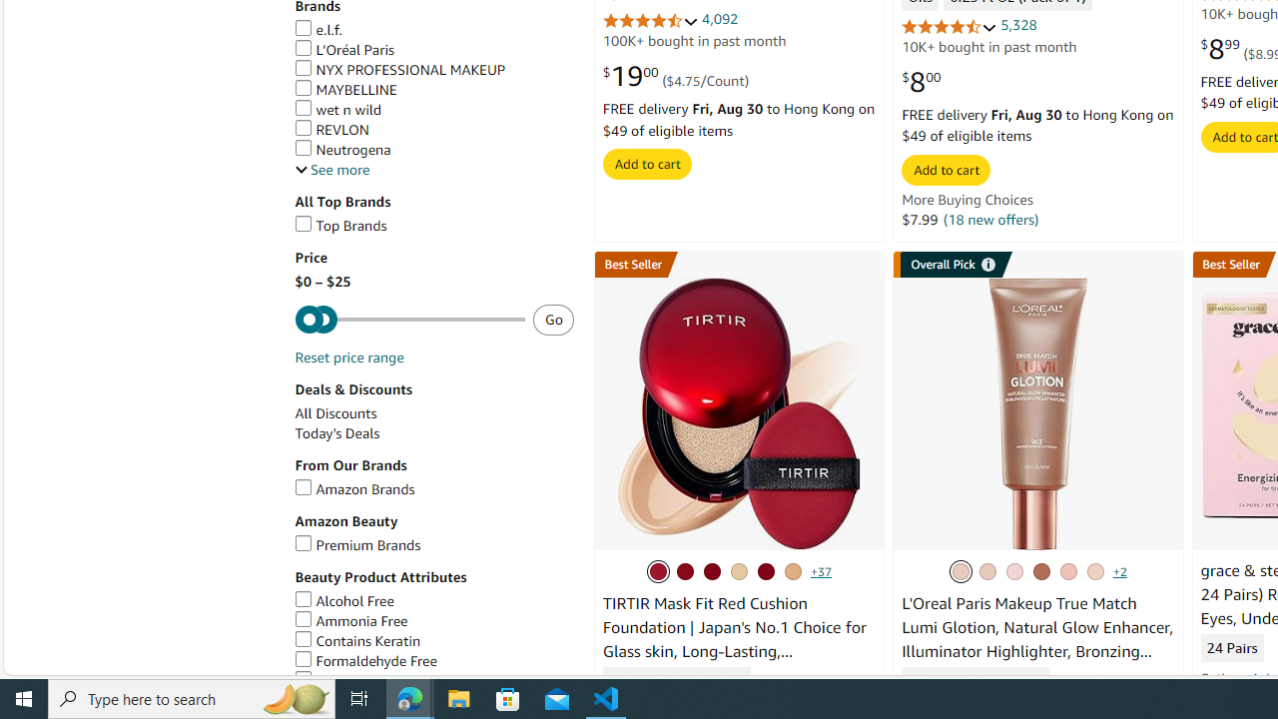  Describe the element at coordinates (408, 319) in the screenshot. I see `'Maximum'` at that location.